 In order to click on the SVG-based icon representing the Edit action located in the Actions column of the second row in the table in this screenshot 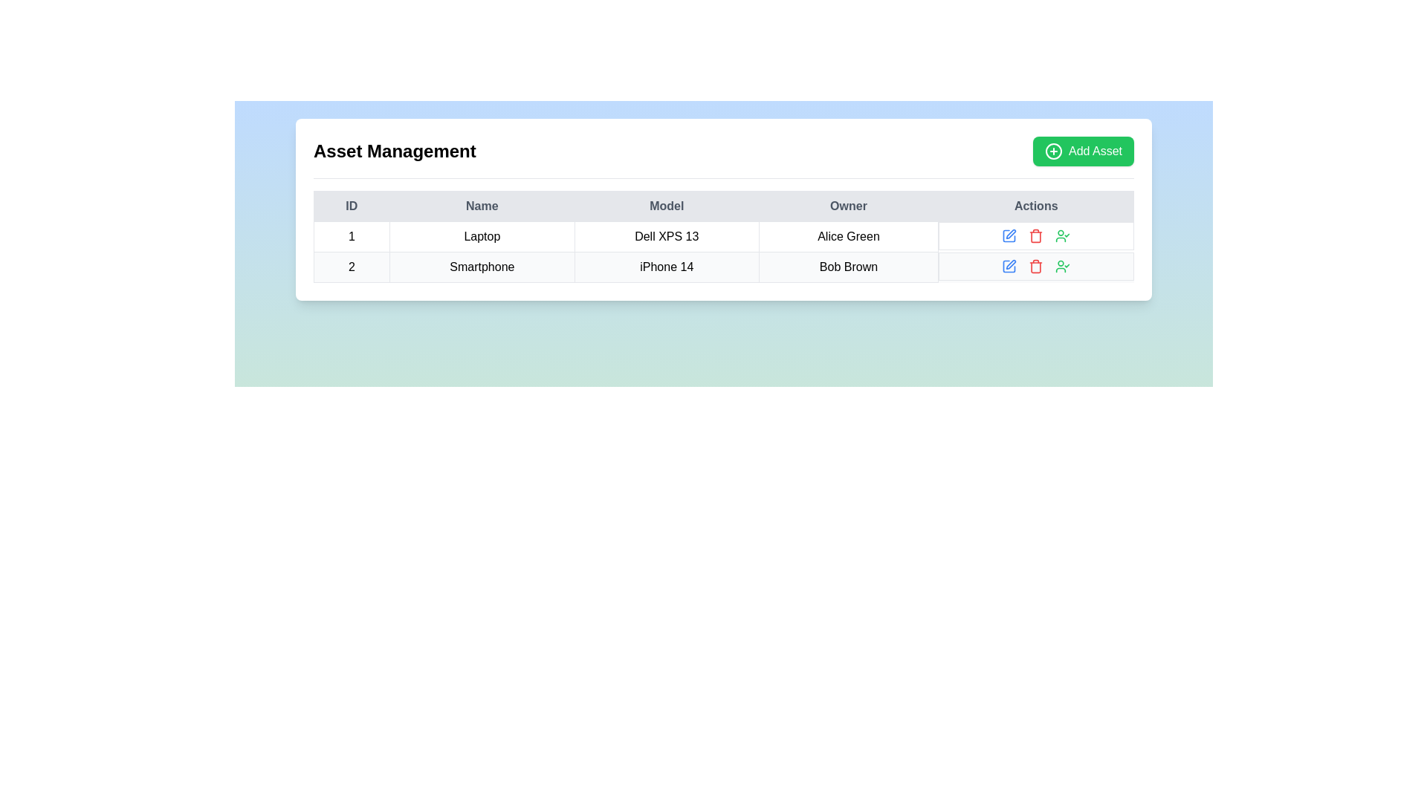, I will do `click(1009, 265)`.